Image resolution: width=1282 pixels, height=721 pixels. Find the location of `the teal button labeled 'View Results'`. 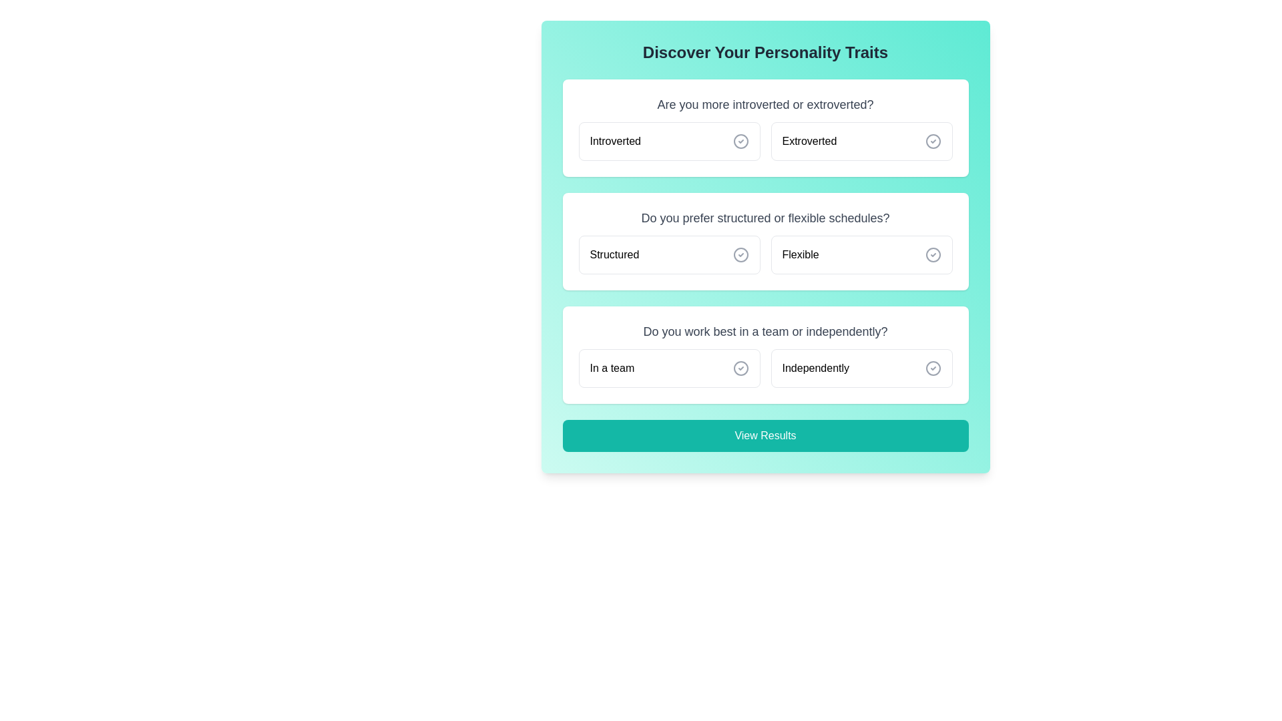

the teal button labeled 'View Results' is located at coordinates (765, 435).